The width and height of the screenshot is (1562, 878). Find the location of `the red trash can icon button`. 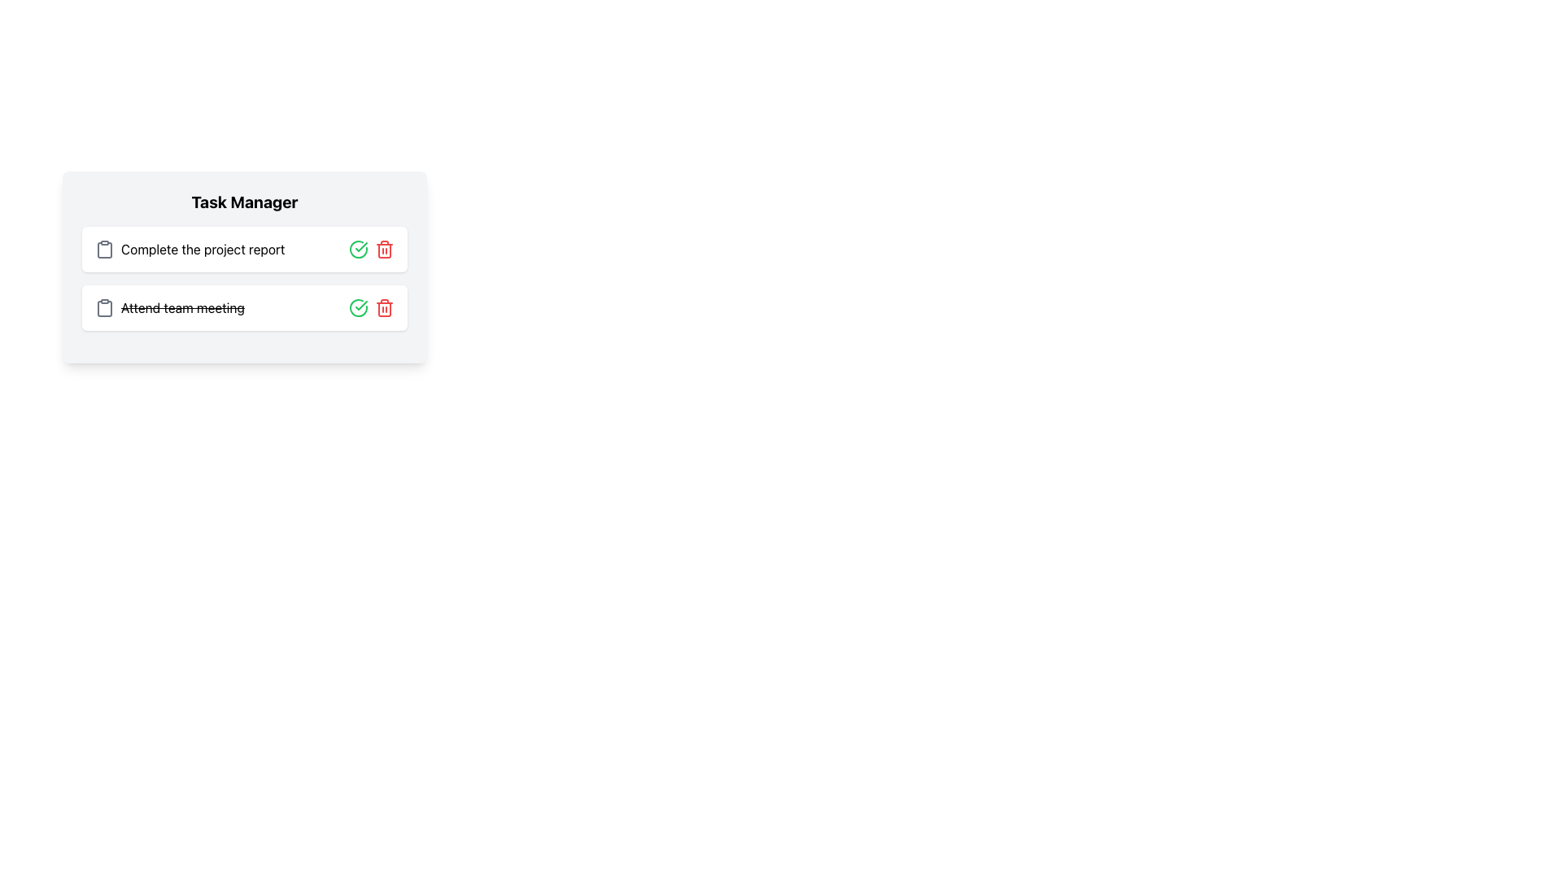

the red trash can icon button is located at coordinates (384, 250).